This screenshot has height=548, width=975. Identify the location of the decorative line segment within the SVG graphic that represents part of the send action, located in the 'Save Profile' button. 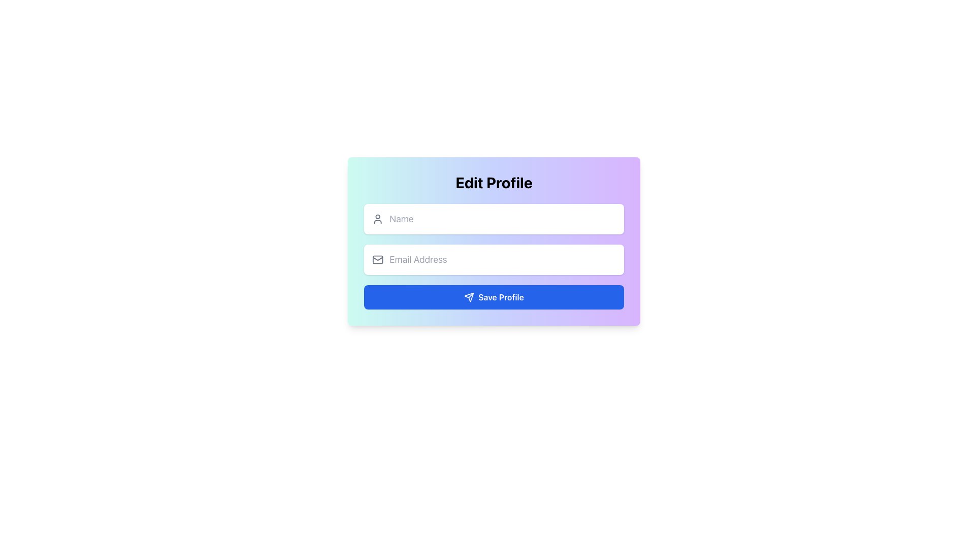
(470, 295).